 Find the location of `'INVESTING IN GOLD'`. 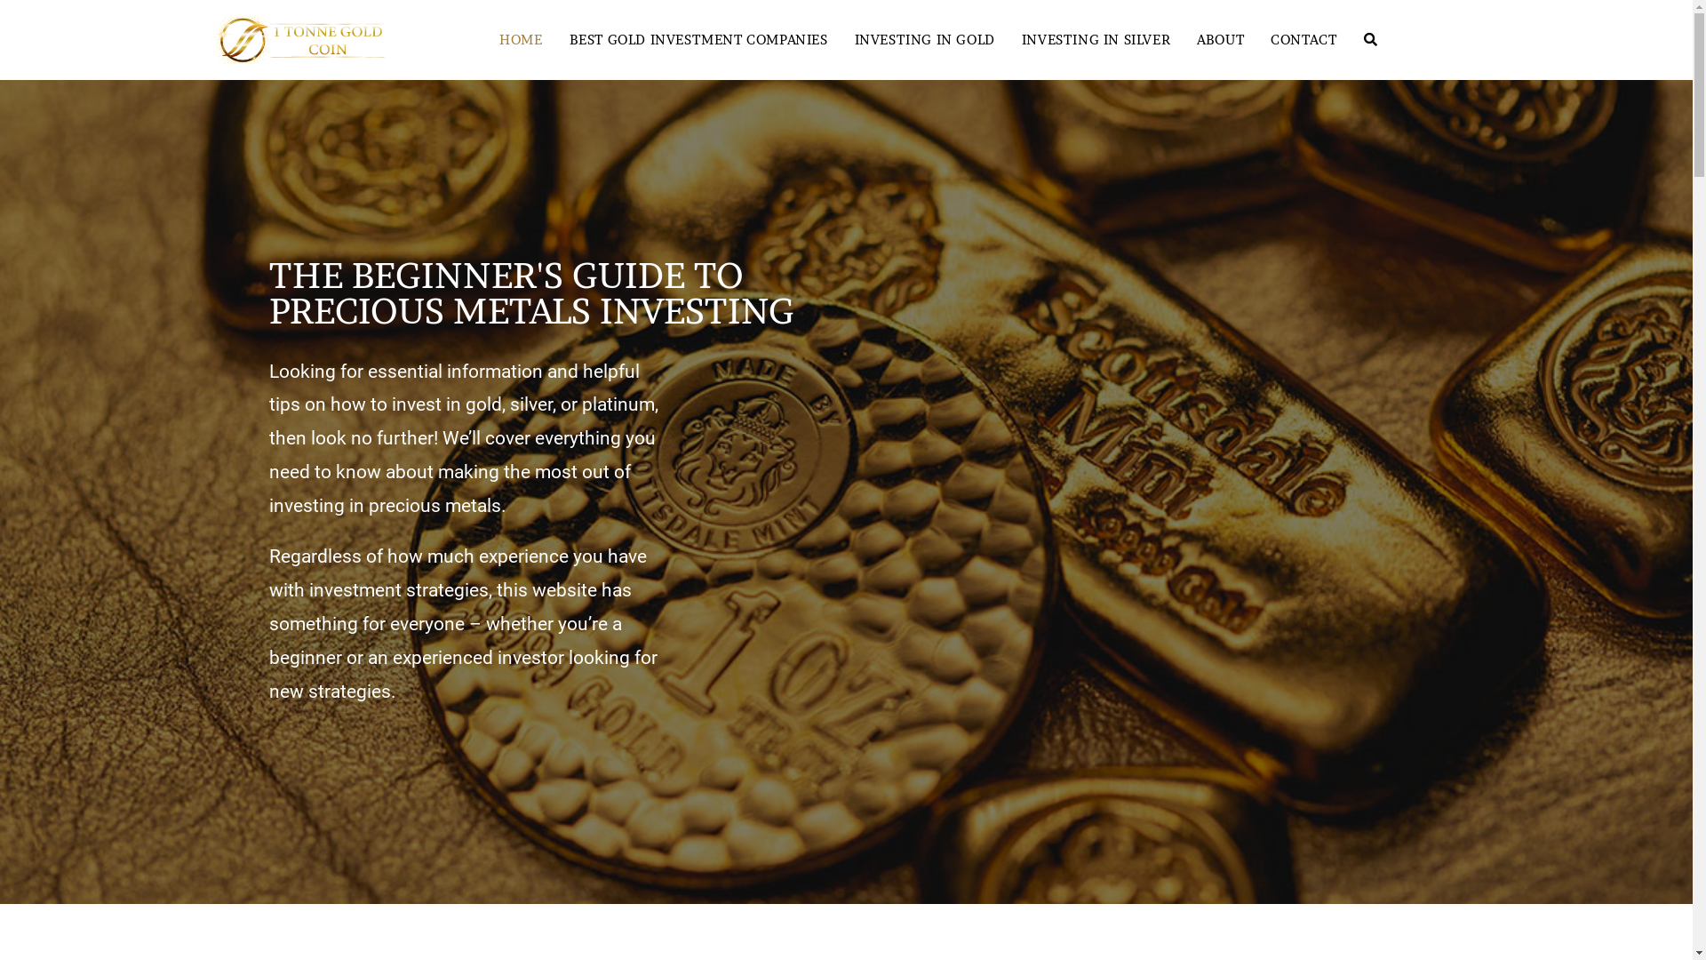

'INVESTING IN GOLD' is located at coordinates (924, 40).